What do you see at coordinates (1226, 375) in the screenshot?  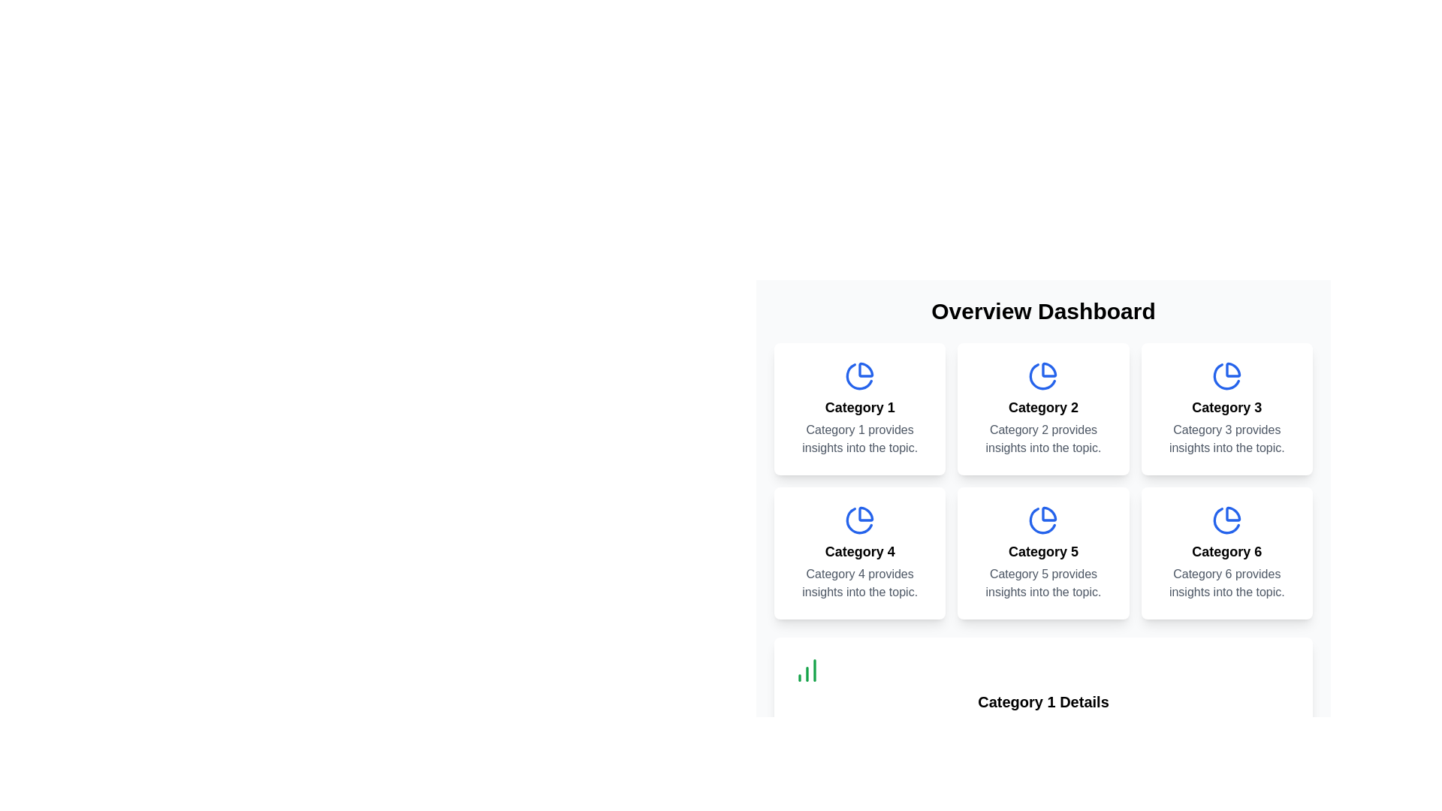 I see `the line-art pie chart icon that is centered in the heading section of the card labeled 'Category 3', positioned above the title text` at bounding box center [1226, 375].